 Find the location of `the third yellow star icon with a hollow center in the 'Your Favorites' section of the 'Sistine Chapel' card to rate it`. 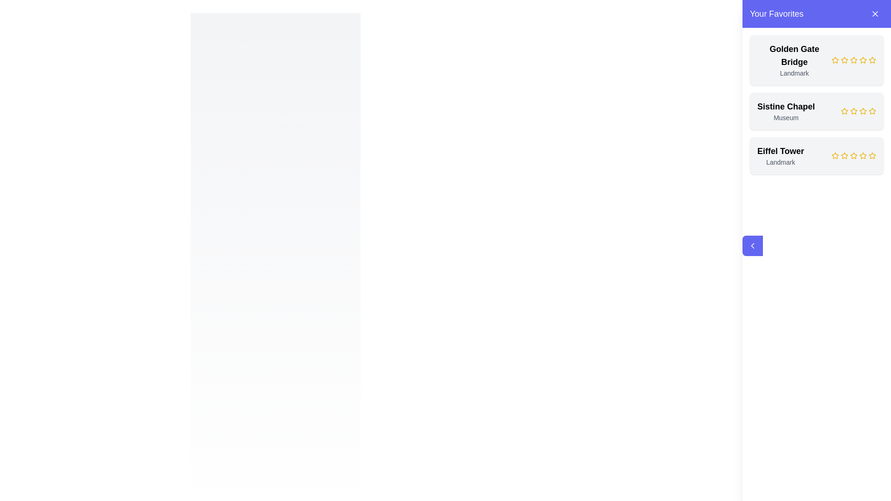

the third yellow star icon with a hollow center in the 'Your Favorites' section of the 'Sistine Chapel' card to rate it is located at coordinates (853, 110).